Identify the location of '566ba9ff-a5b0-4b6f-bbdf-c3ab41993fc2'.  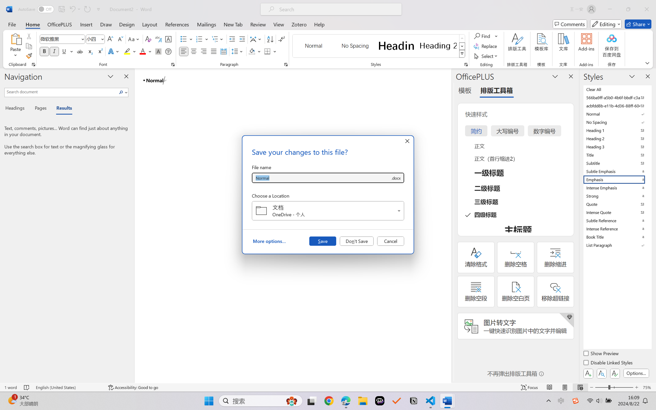
(617, 97).